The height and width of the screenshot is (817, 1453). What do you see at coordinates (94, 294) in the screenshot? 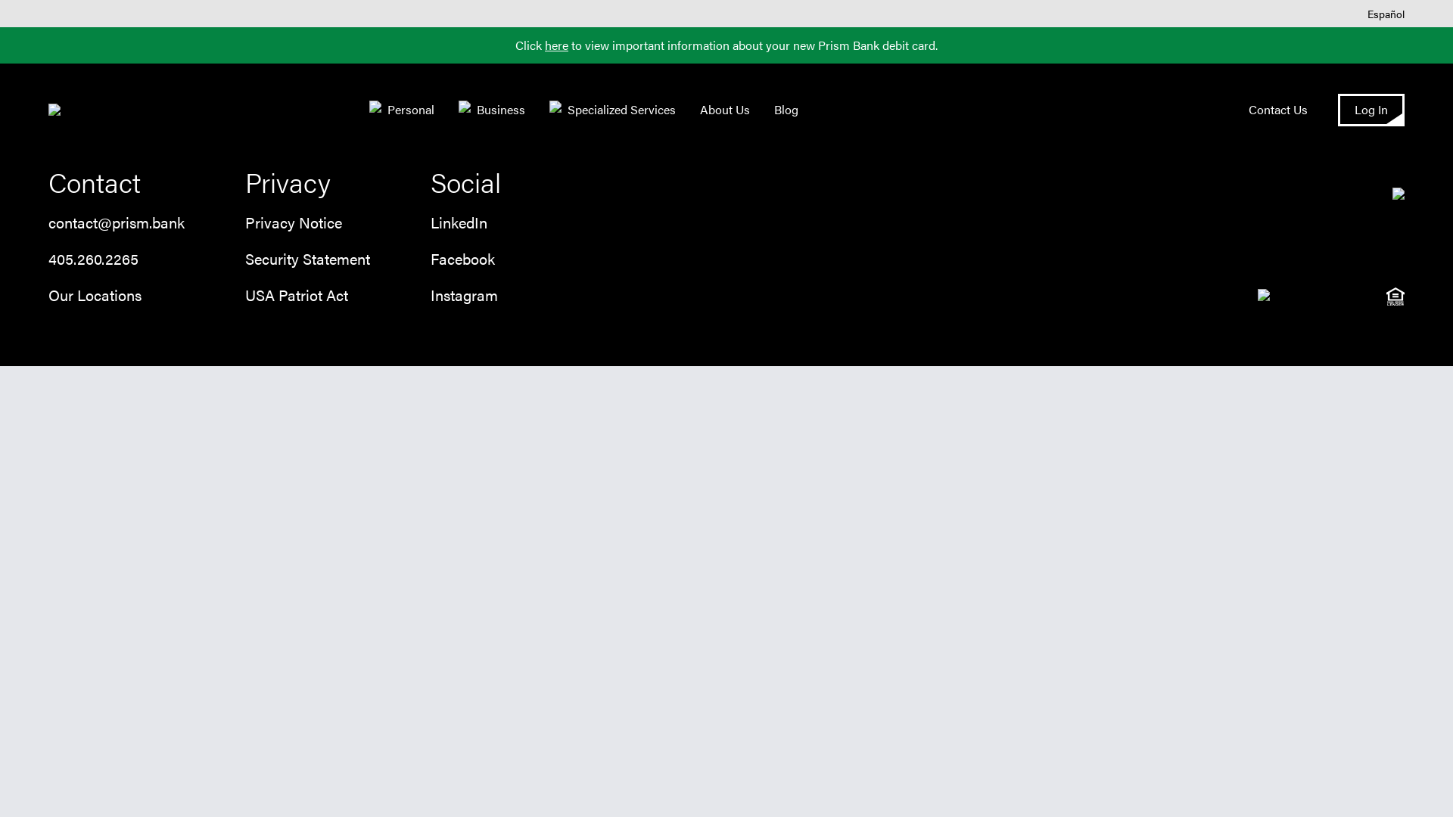
I see `'Our Locations'` at bounding box center [94, 294].